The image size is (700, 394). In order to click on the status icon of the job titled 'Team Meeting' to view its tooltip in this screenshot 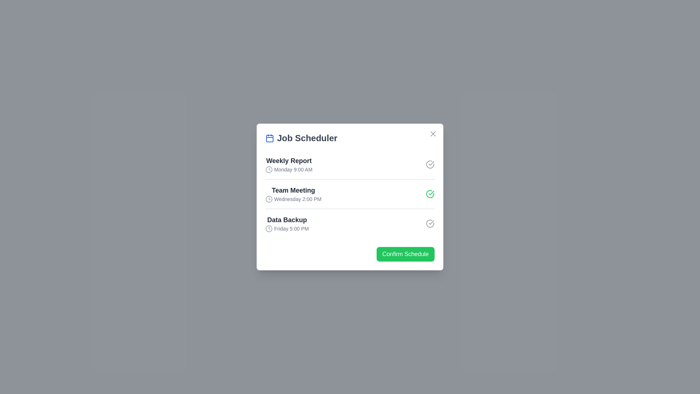, I will do `click(430, 194)`.